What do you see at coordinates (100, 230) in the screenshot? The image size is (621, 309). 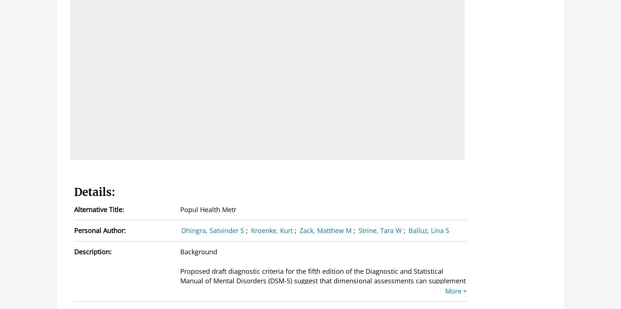 I see `'Personal Author:'` at bounding box center [100, 230].